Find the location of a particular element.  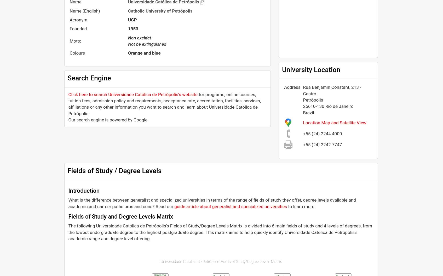

'Petrópolis' is located at coordinates (303, 99).